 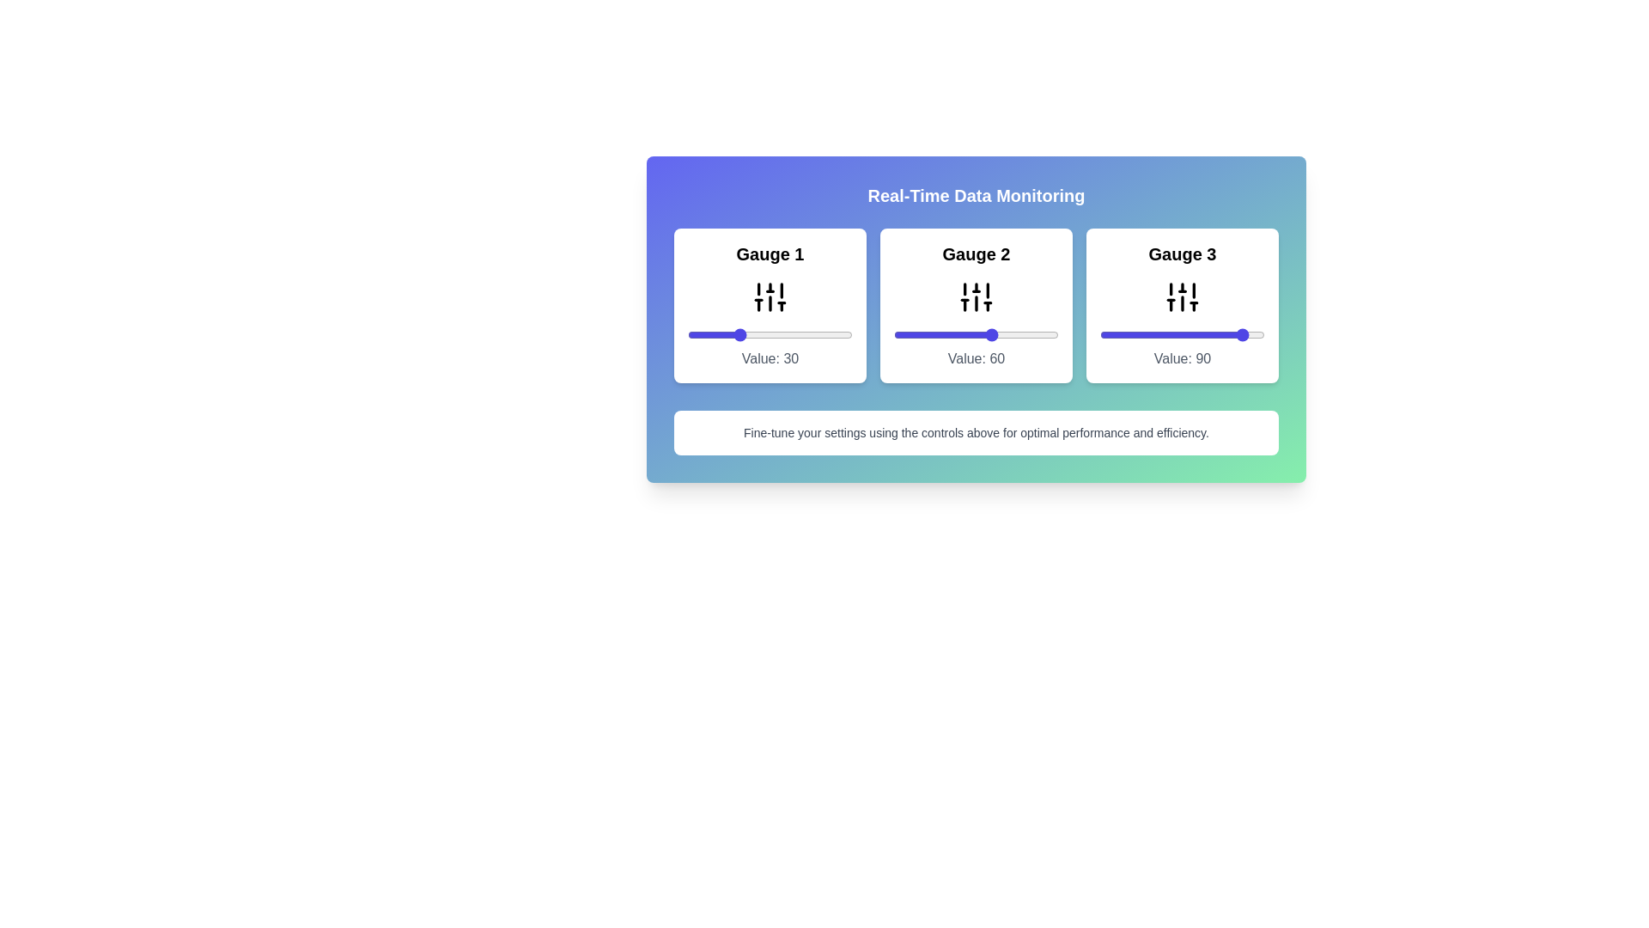 I want to click on the icon that represents the adjustable controls for 'Gauge 1', which is centrally located within the card labeled 'Gauge 1', above the horizontal range slider, so click(x=770, y=296).